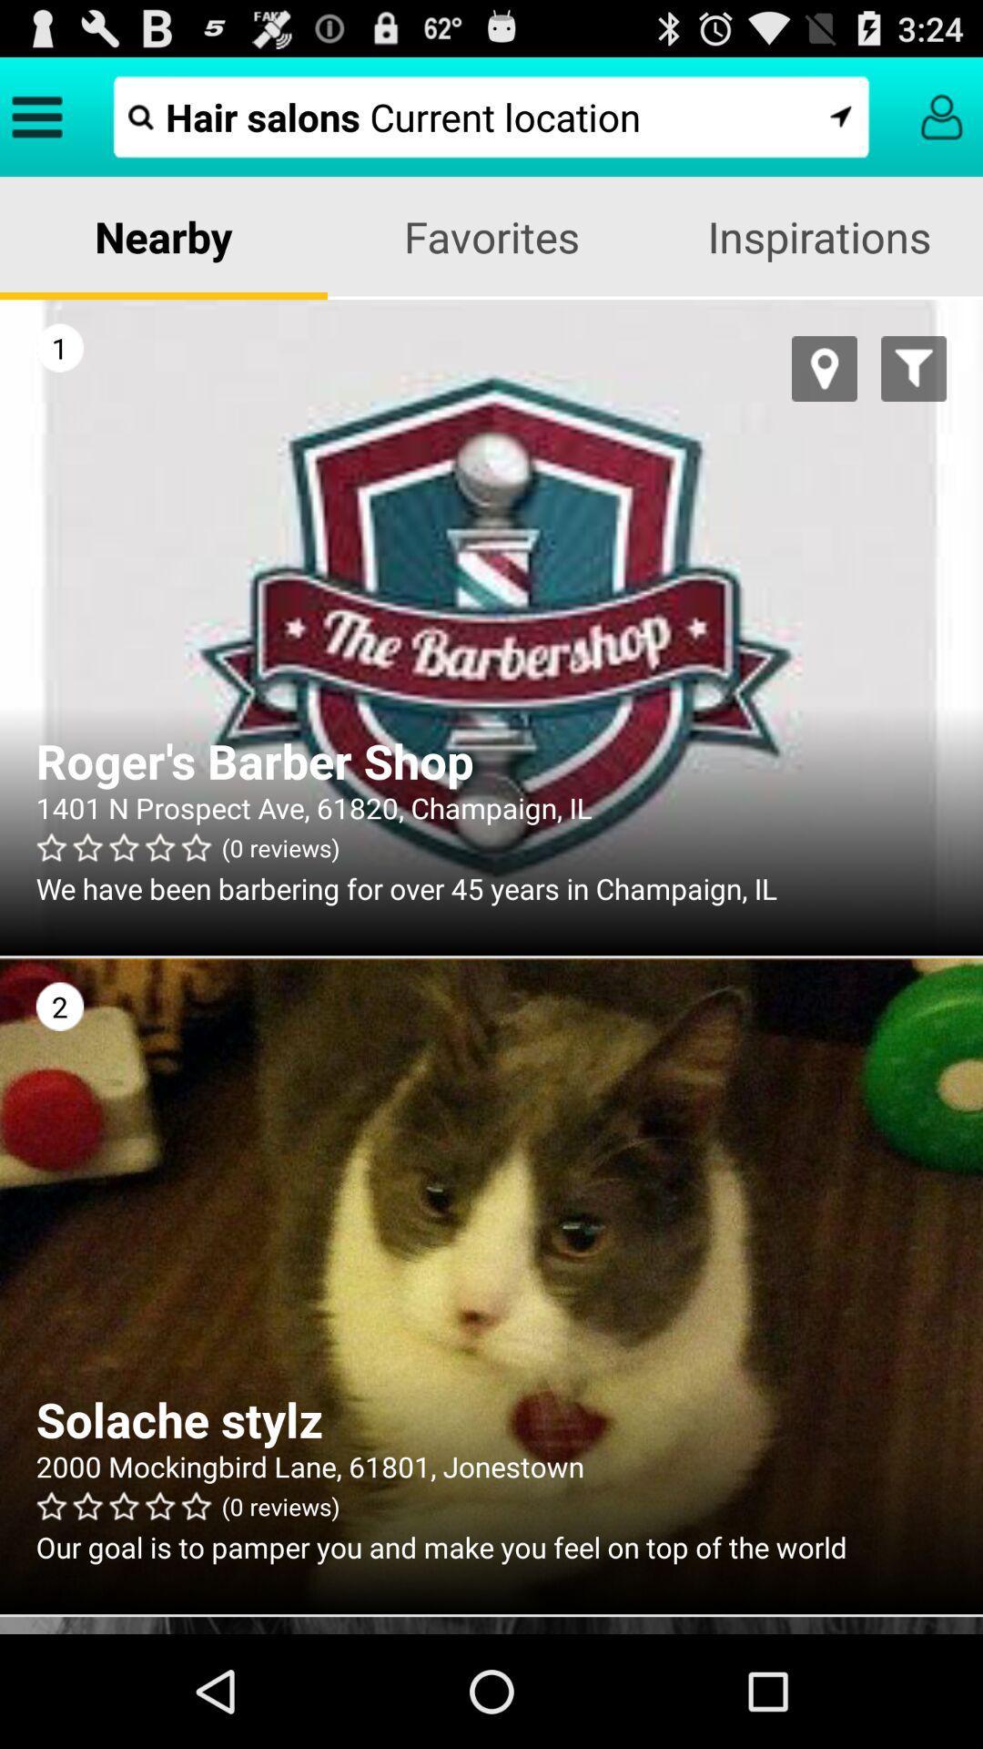 The height and width of the screenshot is (1749, 983). Describe the element at coordinates (491, 806) in the screenshot. I see `app above the (0 reviews) app` at that location.